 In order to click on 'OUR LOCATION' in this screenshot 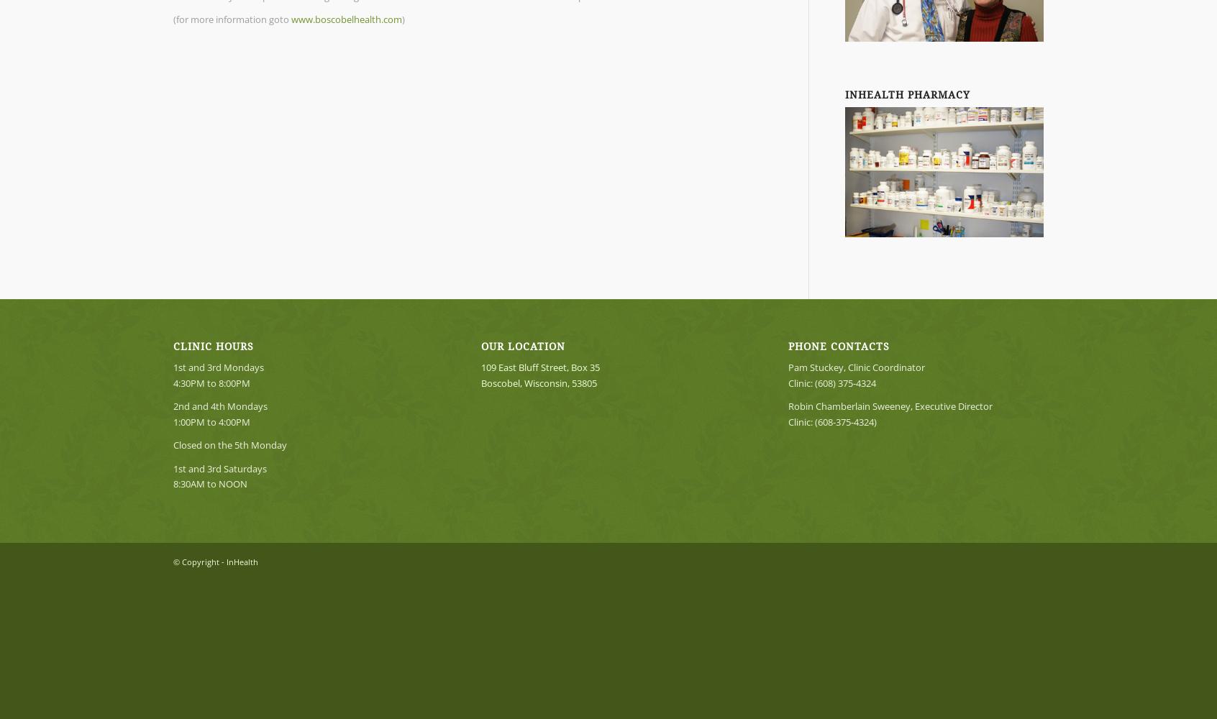, I will do `click(521, 345)`.